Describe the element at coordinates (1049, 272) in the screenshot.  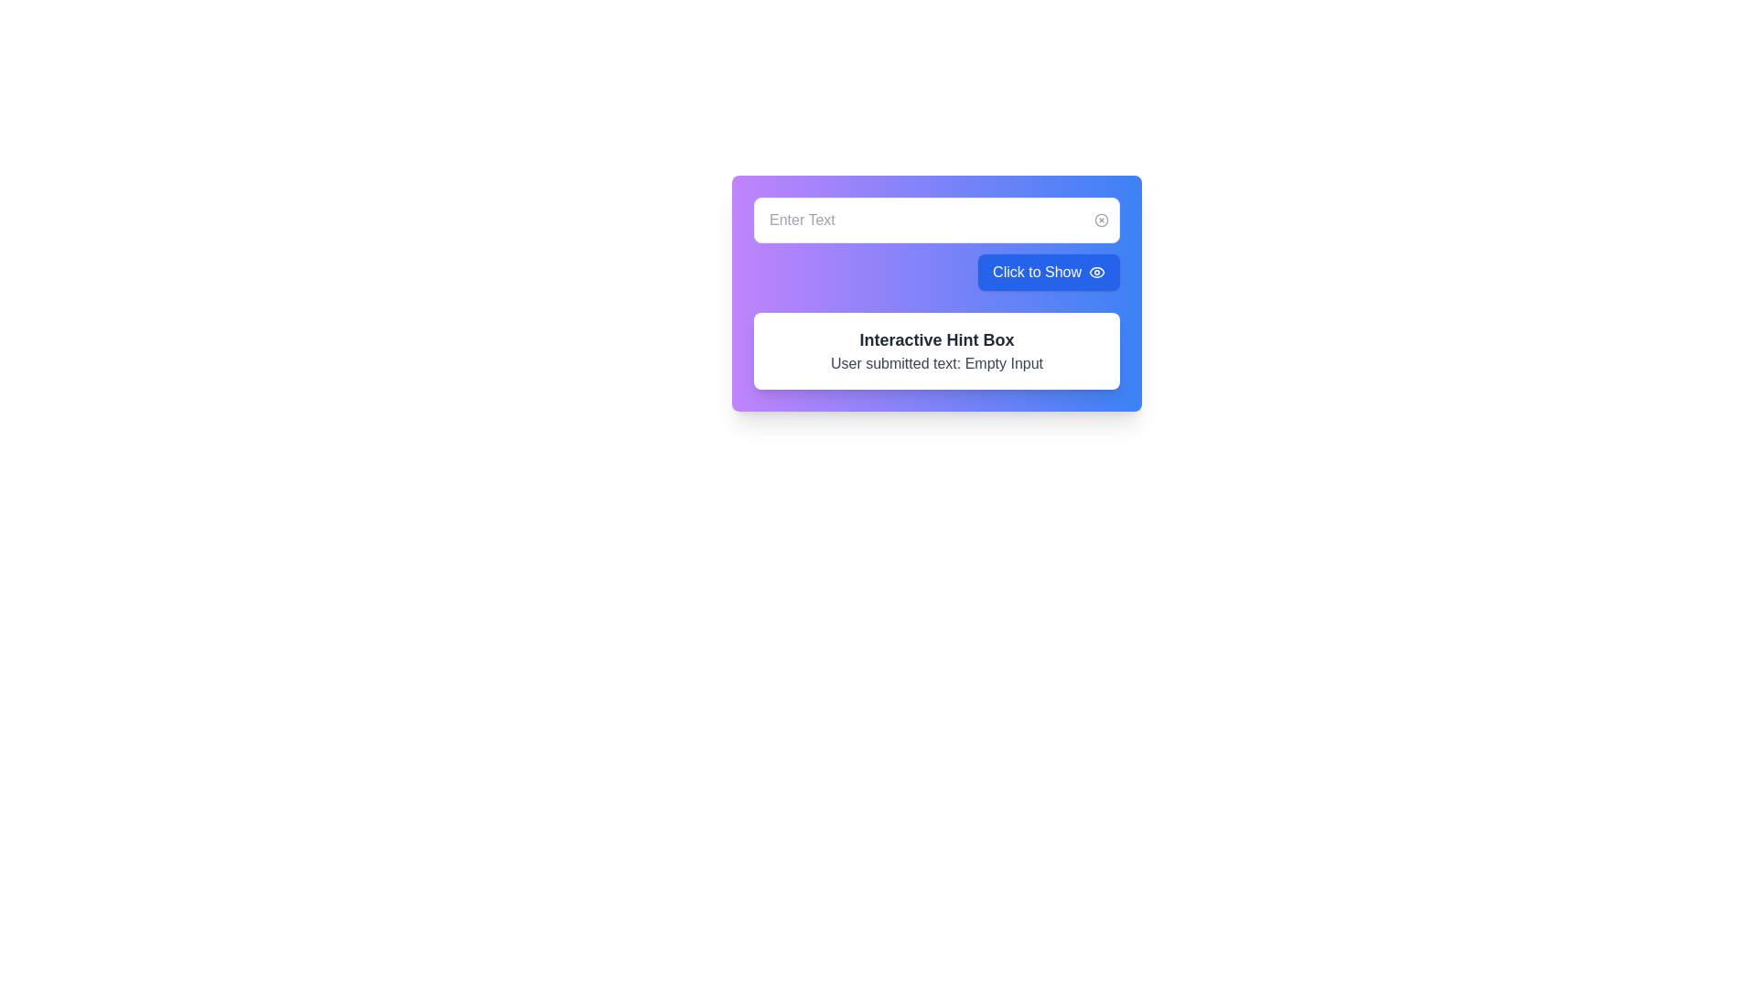
I see `the button with the blue background and white text that reads 'Click to Show'` at that location.